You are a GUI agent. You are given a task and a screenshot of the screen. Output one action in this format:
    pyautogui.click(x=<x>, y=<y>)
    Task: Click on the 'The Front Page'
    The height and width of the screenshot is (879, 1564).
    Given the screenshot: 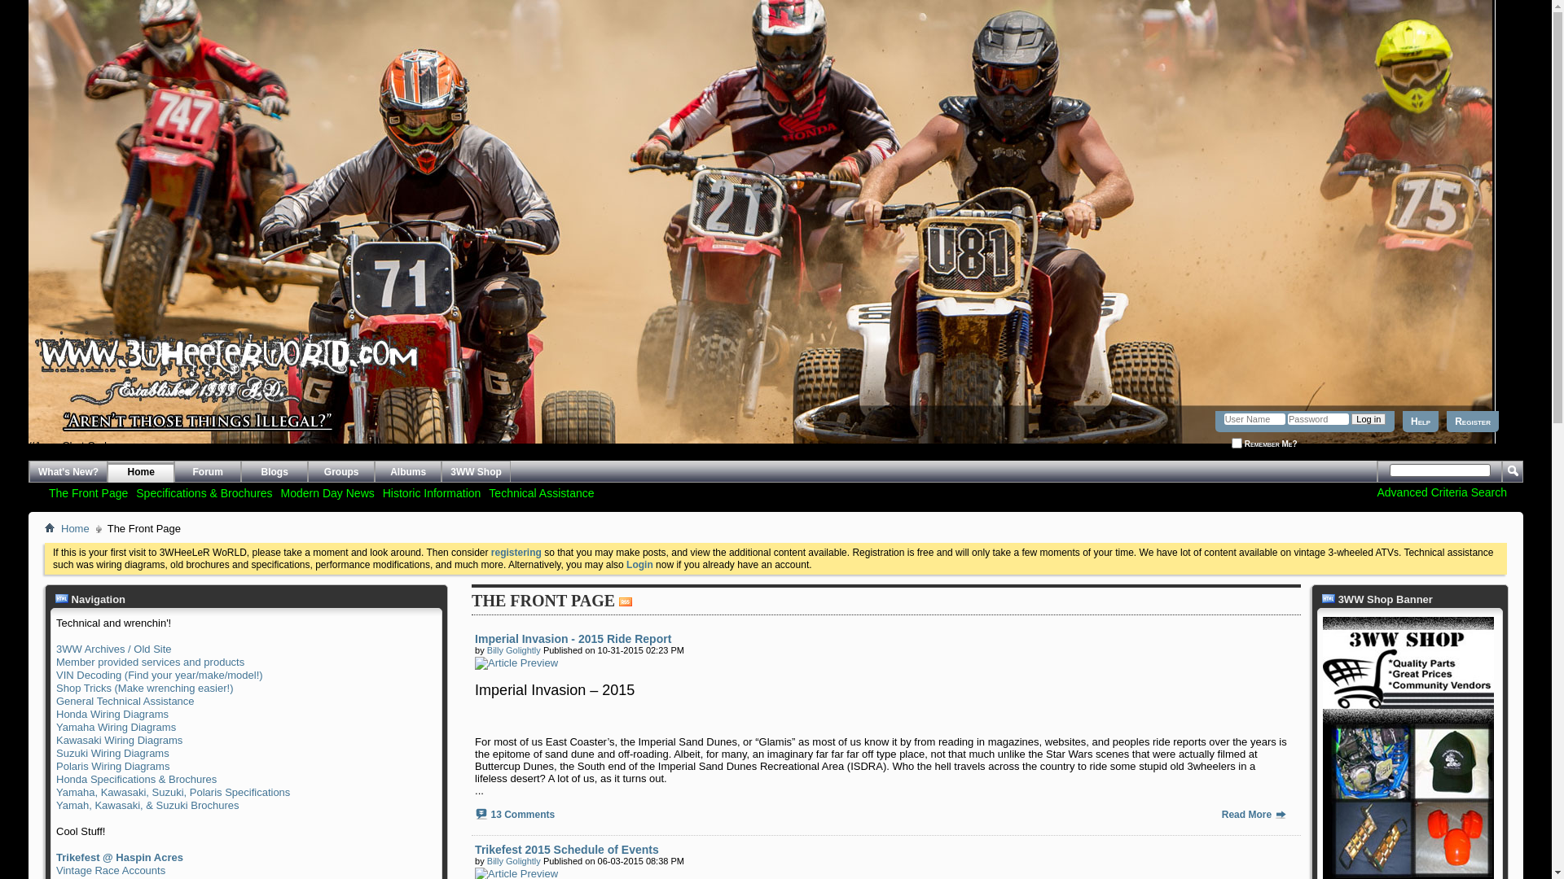 What is the action you would take?
    pyautogui.click(x=87, y=492)
    